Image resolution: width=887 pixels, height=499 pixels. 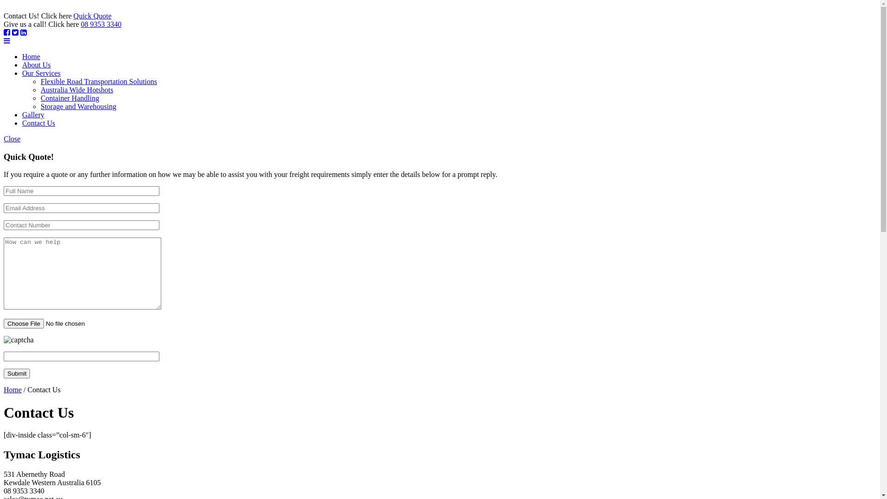 What do you see at coordinates (99, 81) in the screenshot?
I see `'Flexible Road Transportation Solutions'` at bounding box center [99, 81].